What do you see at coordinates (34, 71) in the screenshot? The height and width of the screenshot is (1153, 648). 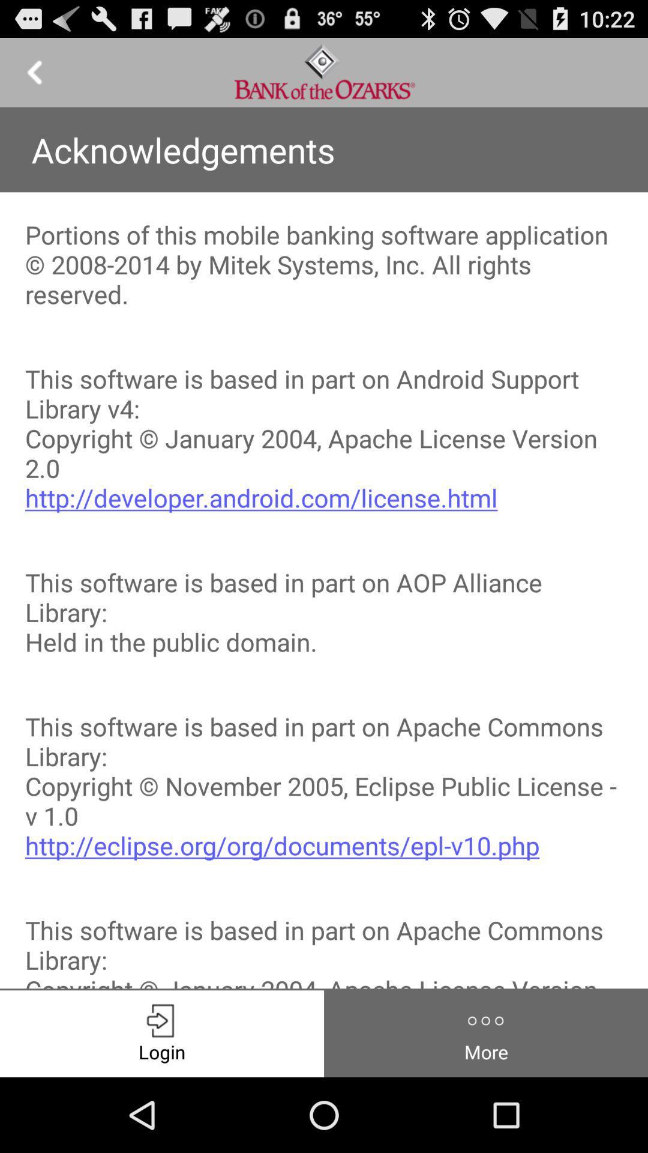 I see `return to the previous page` at bounding box center [34, 71].